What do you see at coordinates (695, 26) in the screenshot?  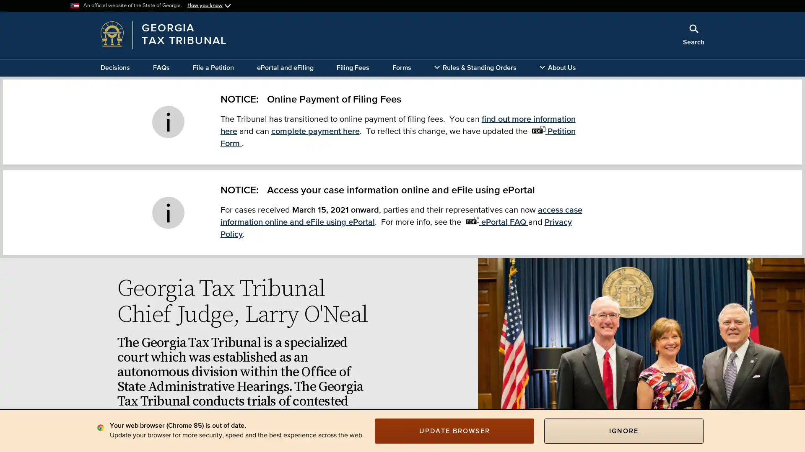 I see `Close` at bounding box center [695, 26].